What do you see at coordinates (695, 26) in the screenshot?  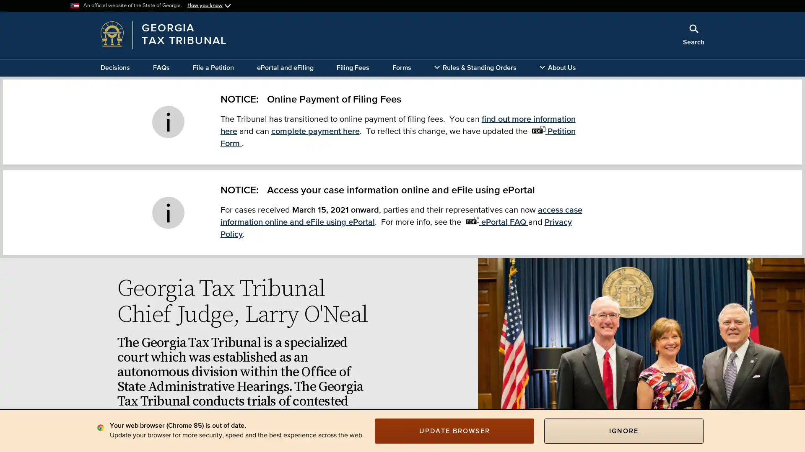 I see `Close` at bounding box center [695, 26].